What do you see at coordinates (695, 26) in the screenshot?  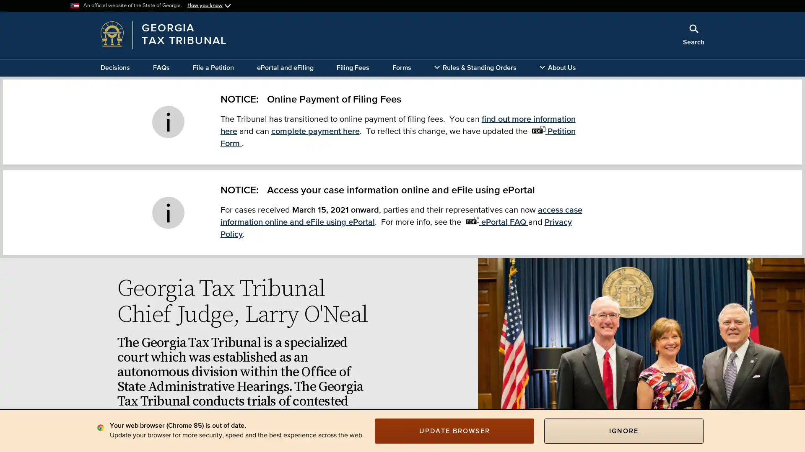 I see `Close` at bounding box center [695, 26].